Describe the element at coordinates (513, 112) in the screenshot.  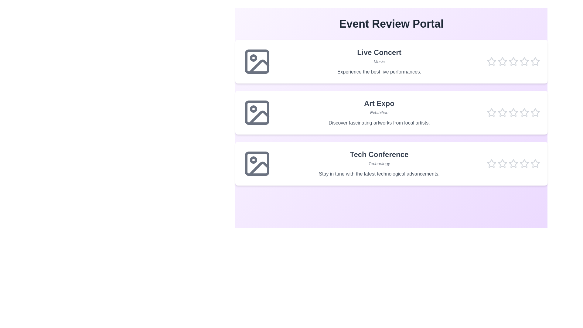
I see `the star corresponding to the rating 3 for the event Art Expo` at that location.